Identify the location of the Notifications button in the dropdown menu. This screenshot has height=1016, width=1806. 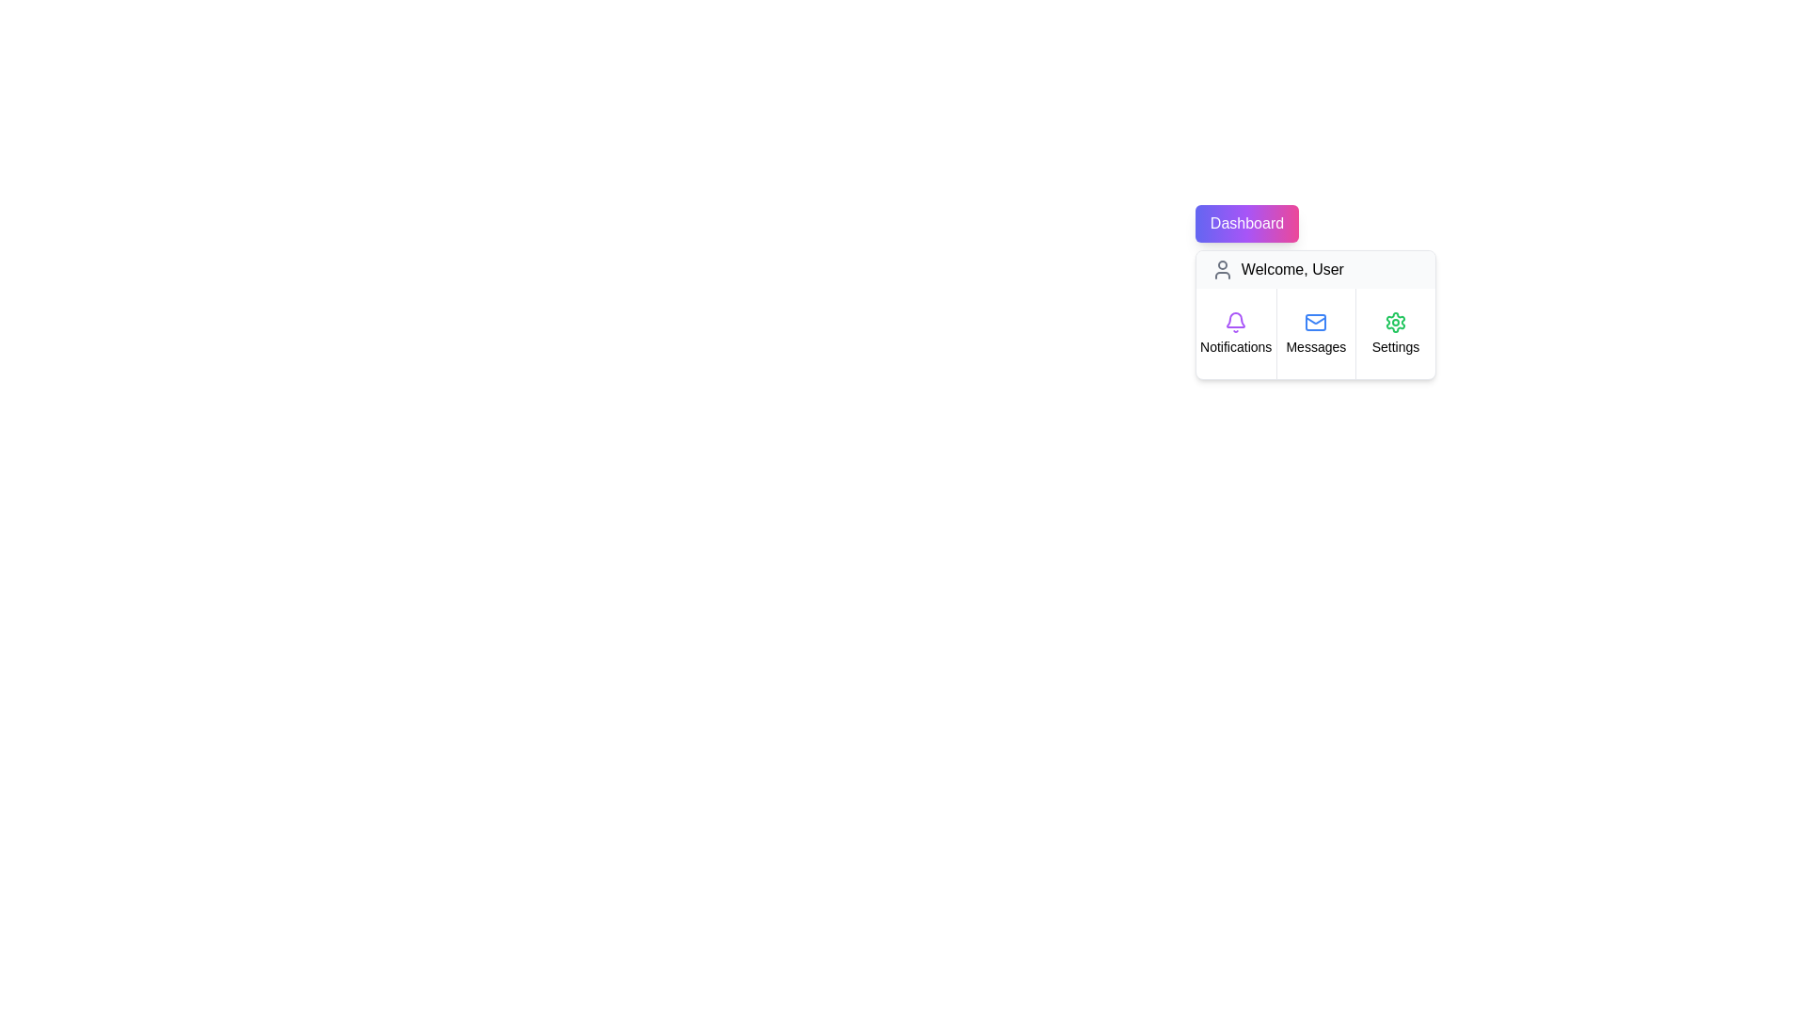
(1236, 332).